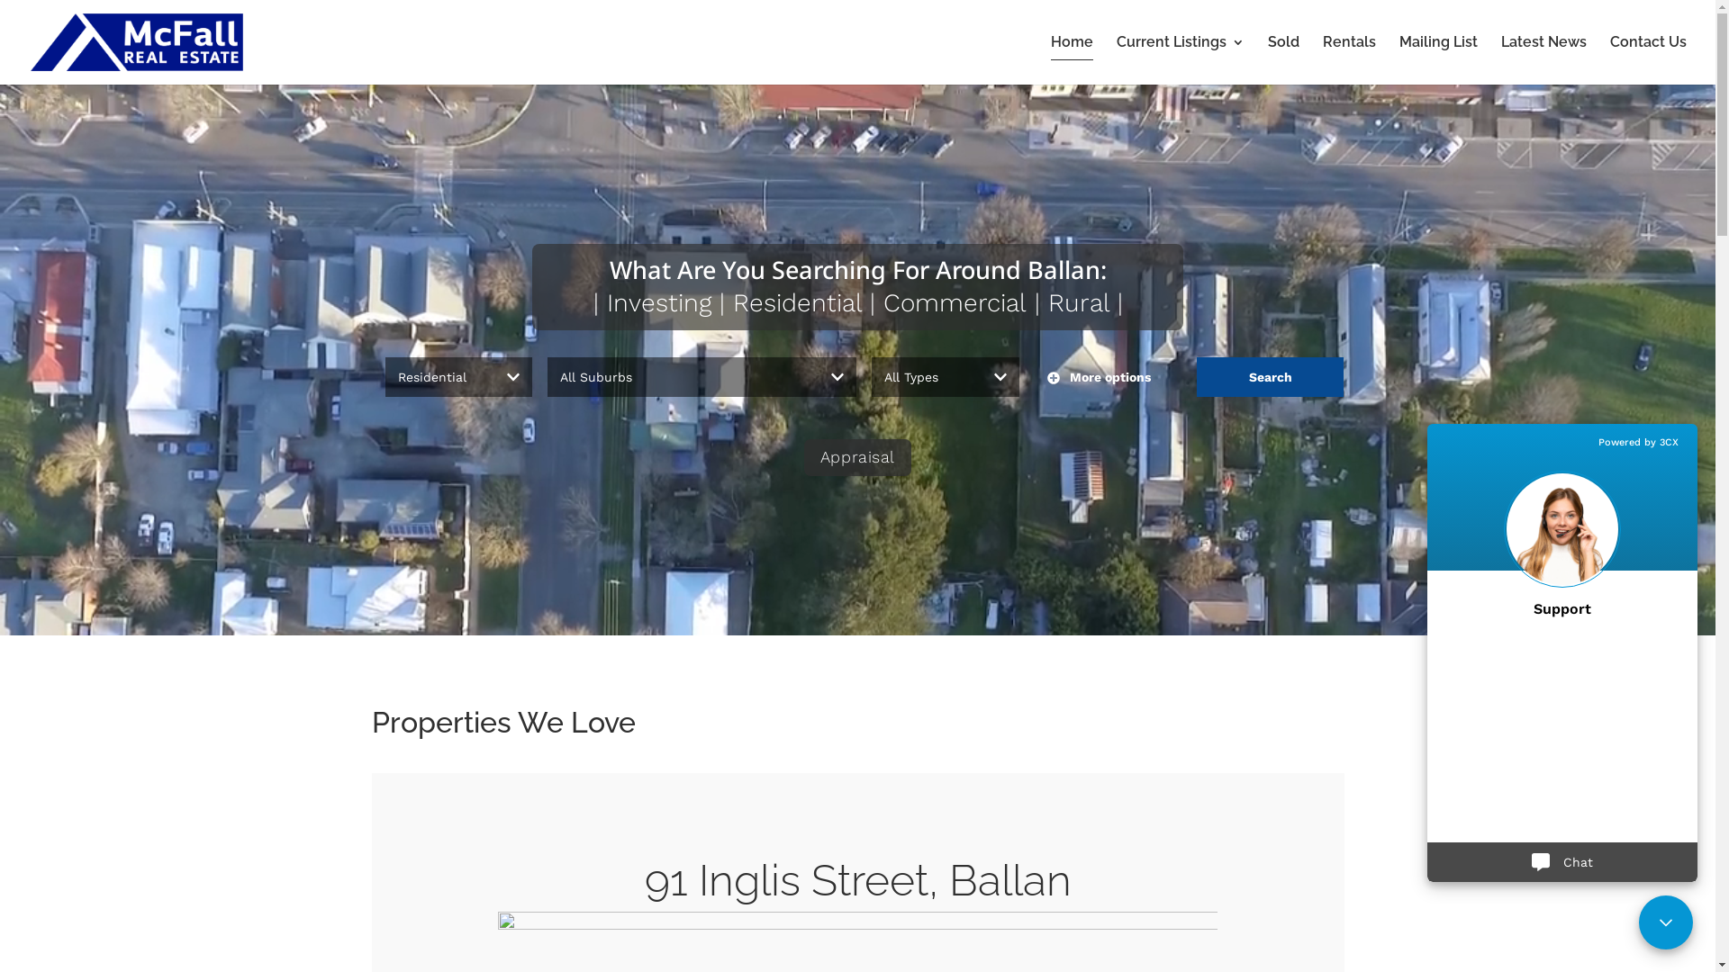 This screenshot has height=972, width=1729. Describe the element at coordinates (1269, 376) in the screenshot. I see `'Search'` at that location.